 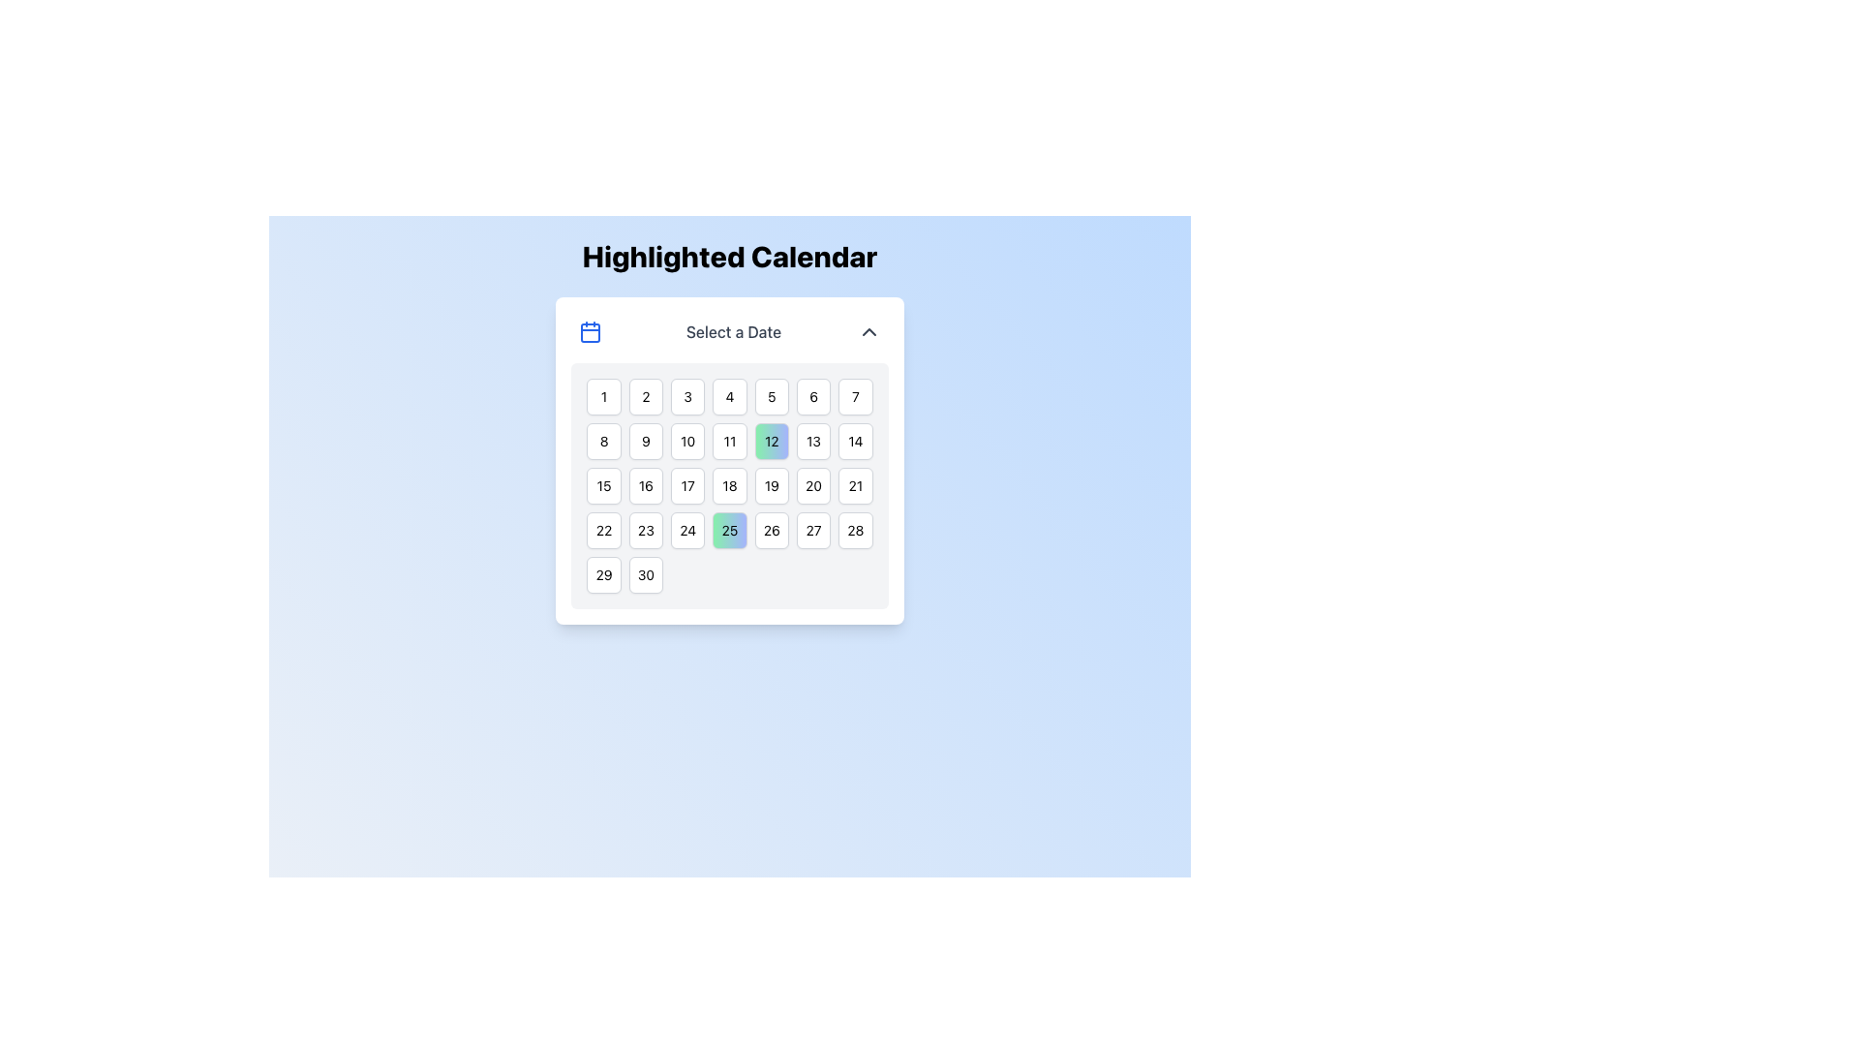 What do you see at coordinates (687, 395) in the screenshot?
I see `the button labeled '3' in the calendar grid` at bounding box center [687, 395].